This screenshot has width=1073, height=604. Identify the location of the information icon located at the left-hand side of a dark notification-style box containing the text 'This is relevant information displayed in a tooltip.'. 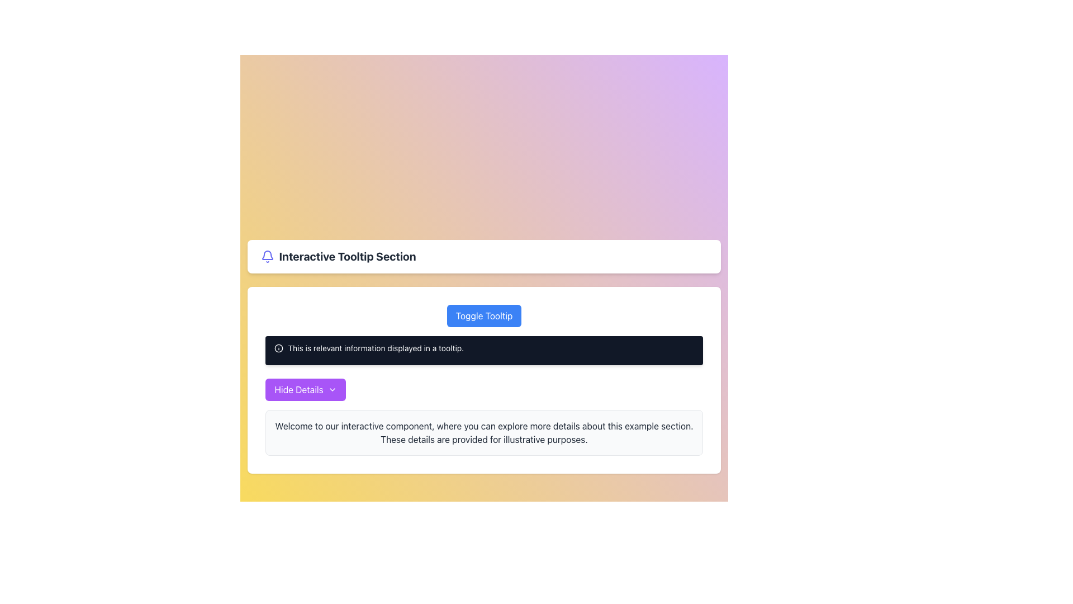
(279, 348).